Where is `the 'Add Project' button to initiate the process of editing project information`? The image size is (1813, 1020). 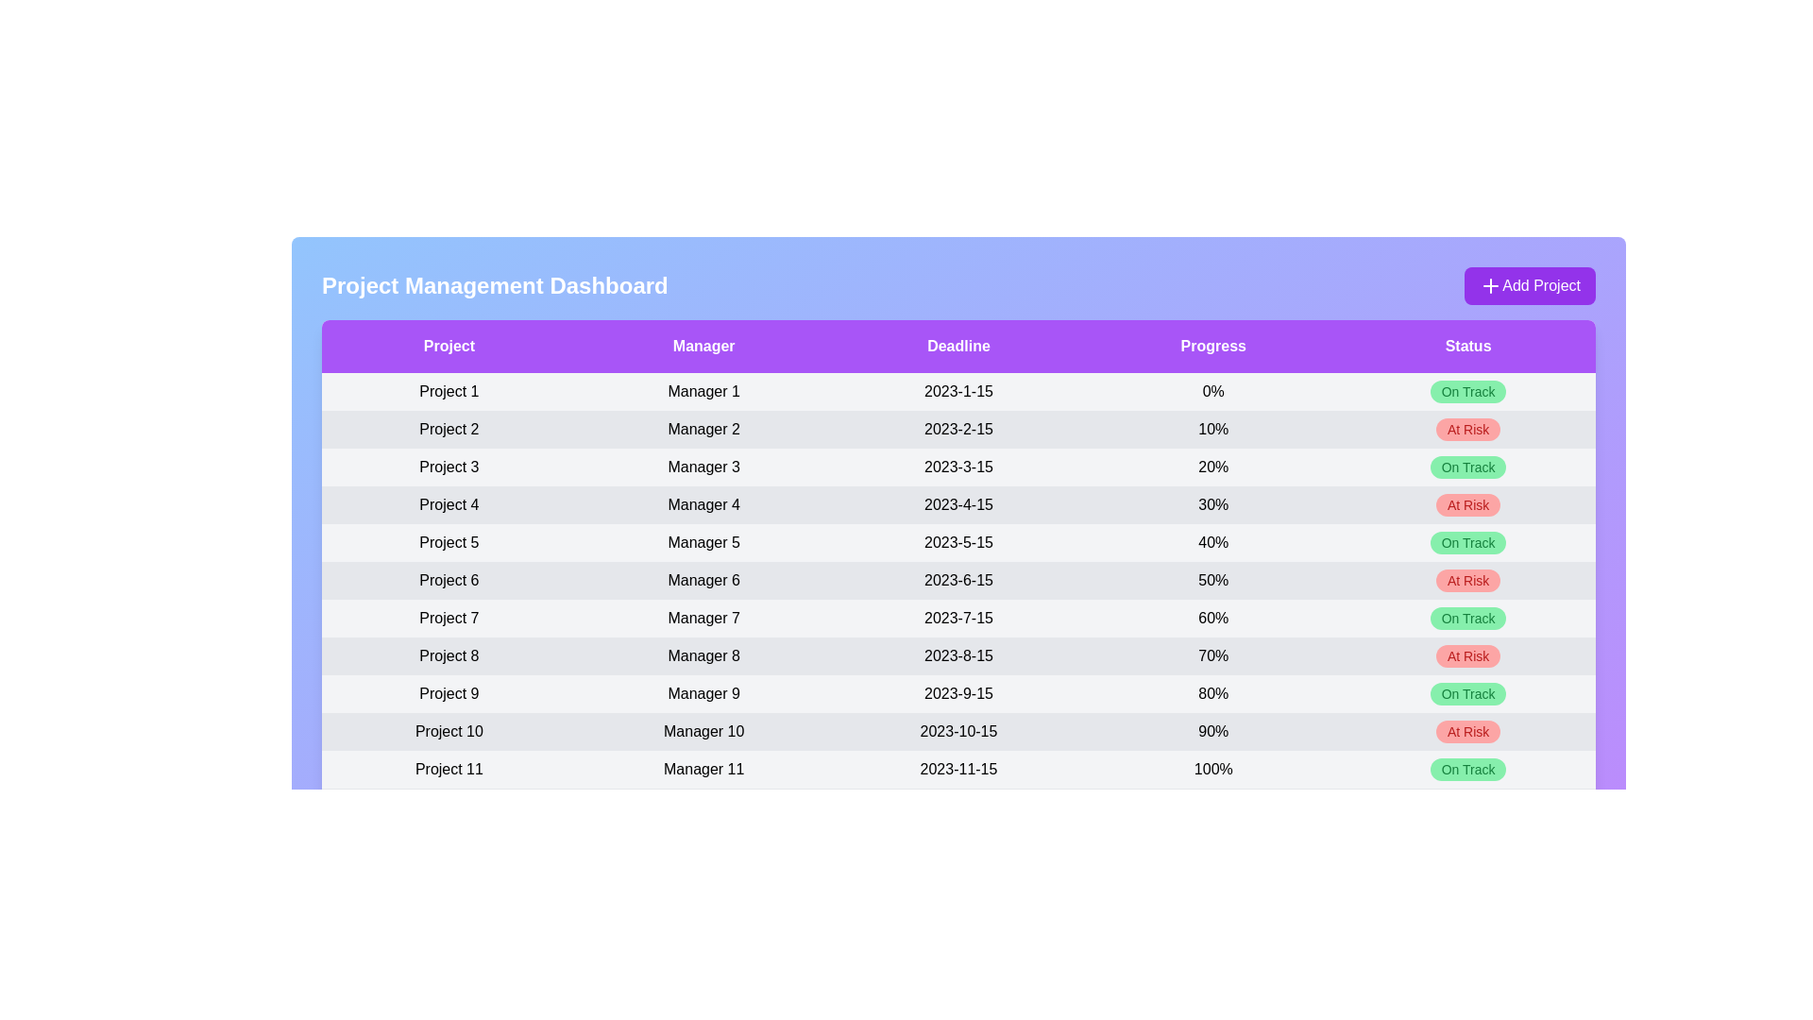 the 'Add Project' button to initiate the process of editing project information is located at coordinates (1530, 286).